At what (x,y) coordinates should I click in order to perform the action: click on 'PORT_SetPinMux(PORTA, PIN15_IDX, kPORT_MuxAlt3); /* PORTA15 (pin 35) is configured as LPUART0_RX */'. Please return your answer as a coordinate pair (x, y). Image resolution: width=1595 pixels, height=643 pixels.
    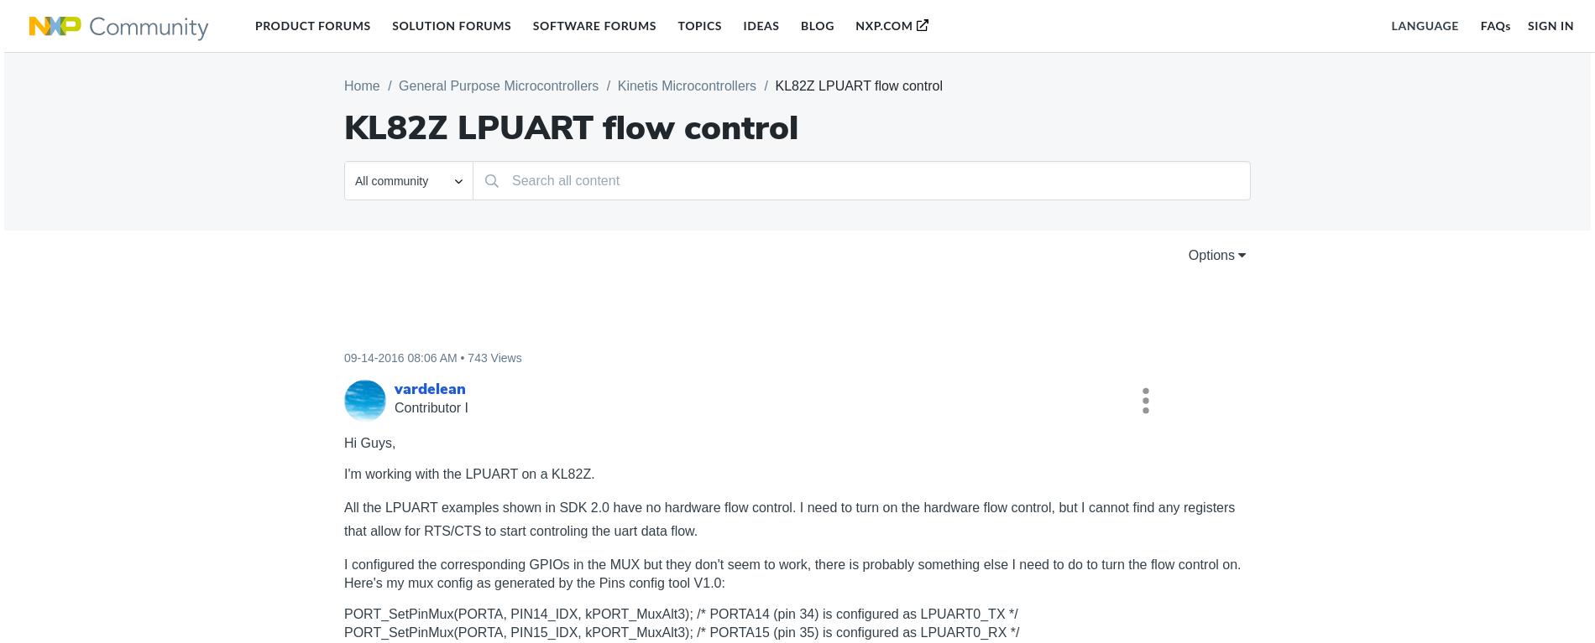
    Looking at the image, I should click on (681, 631).